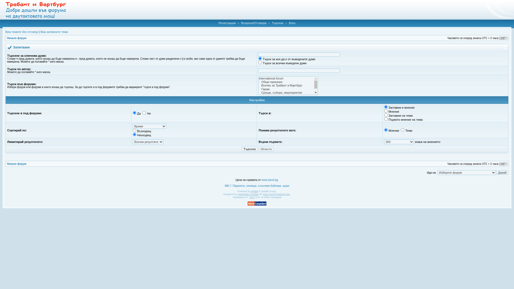  I want to click on 'SEO', so click(249, 197).